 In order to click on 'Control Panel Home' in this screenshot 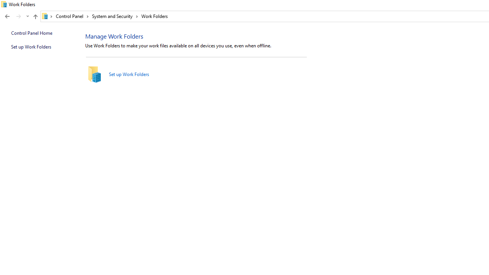, I will do `click(31, 32)`.